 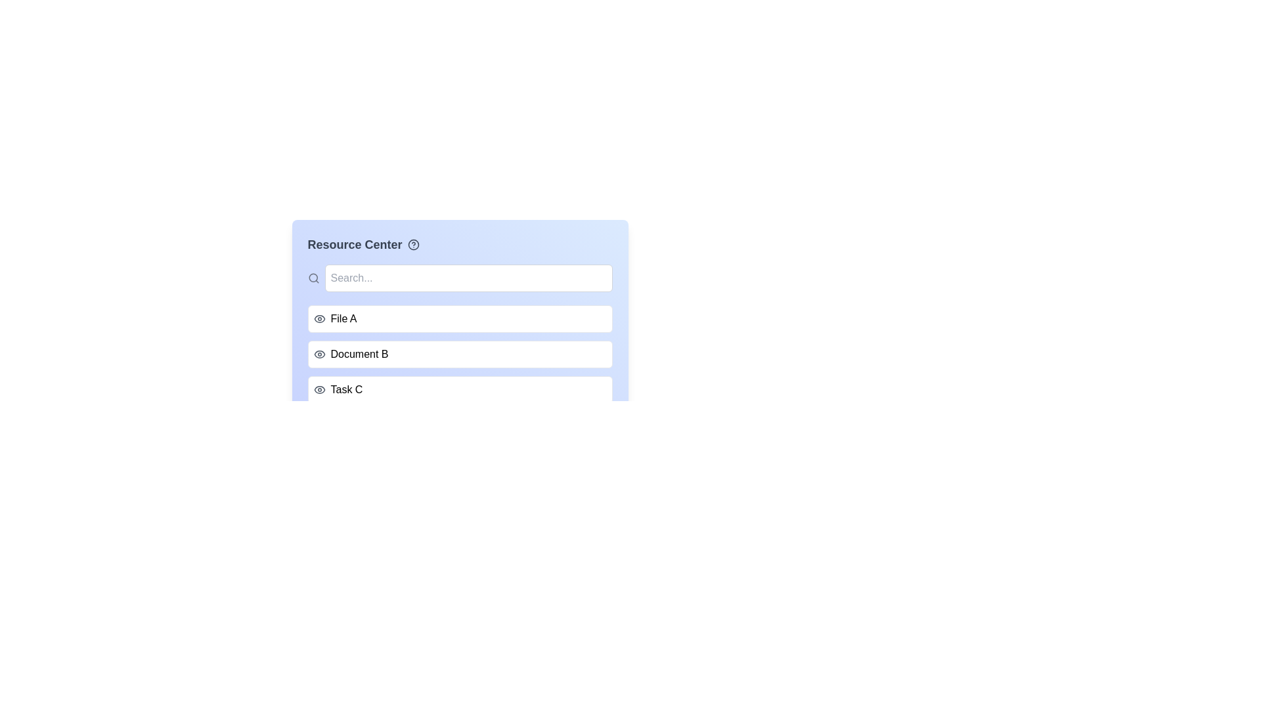 I want to click on text label for 'Document B' located in the 'Resource Center' section, aligned with an eye-shaped icon, so click(x=359, y=354).